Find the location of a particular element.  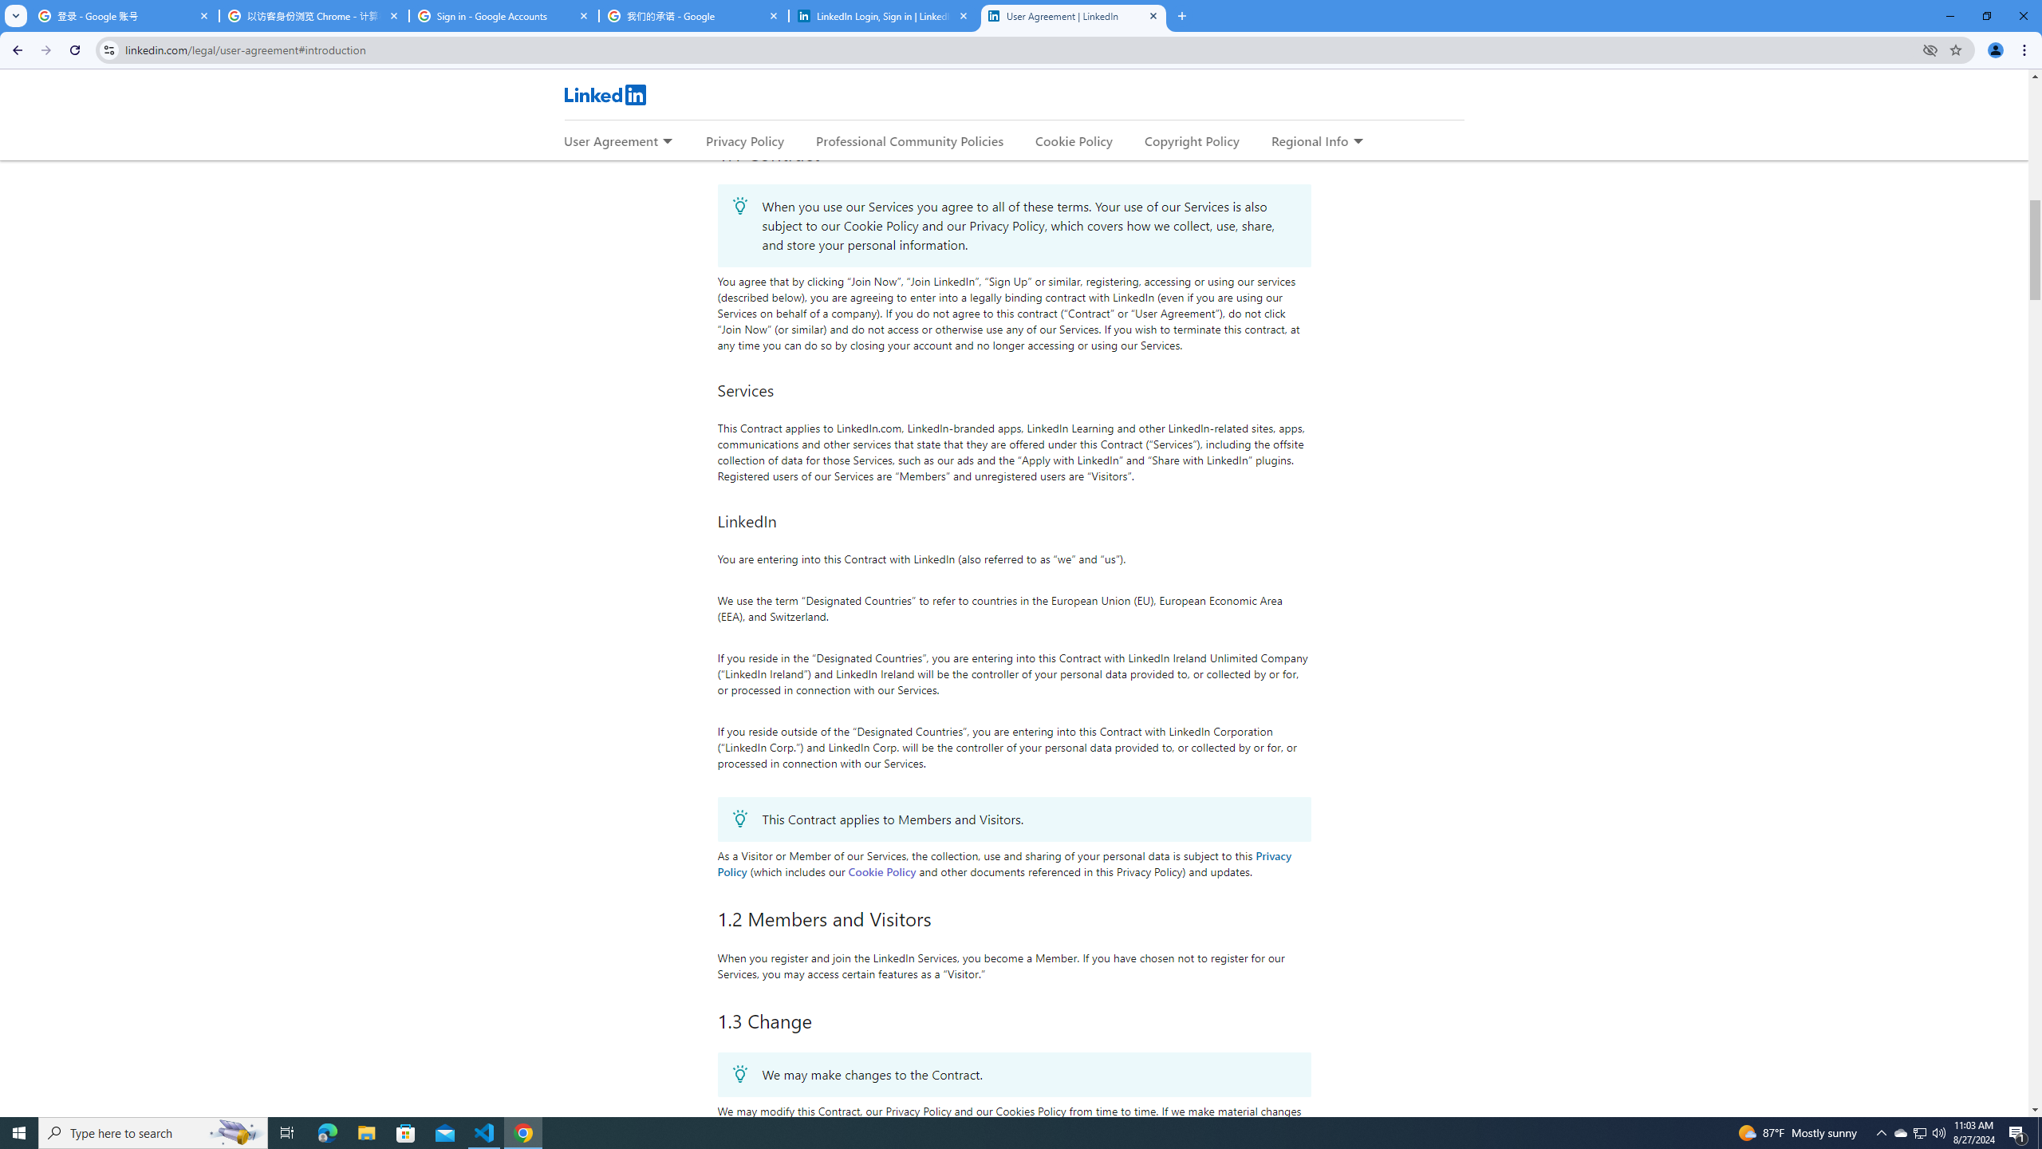

'Professional Community Policies' is located at coordinates (910, 140).